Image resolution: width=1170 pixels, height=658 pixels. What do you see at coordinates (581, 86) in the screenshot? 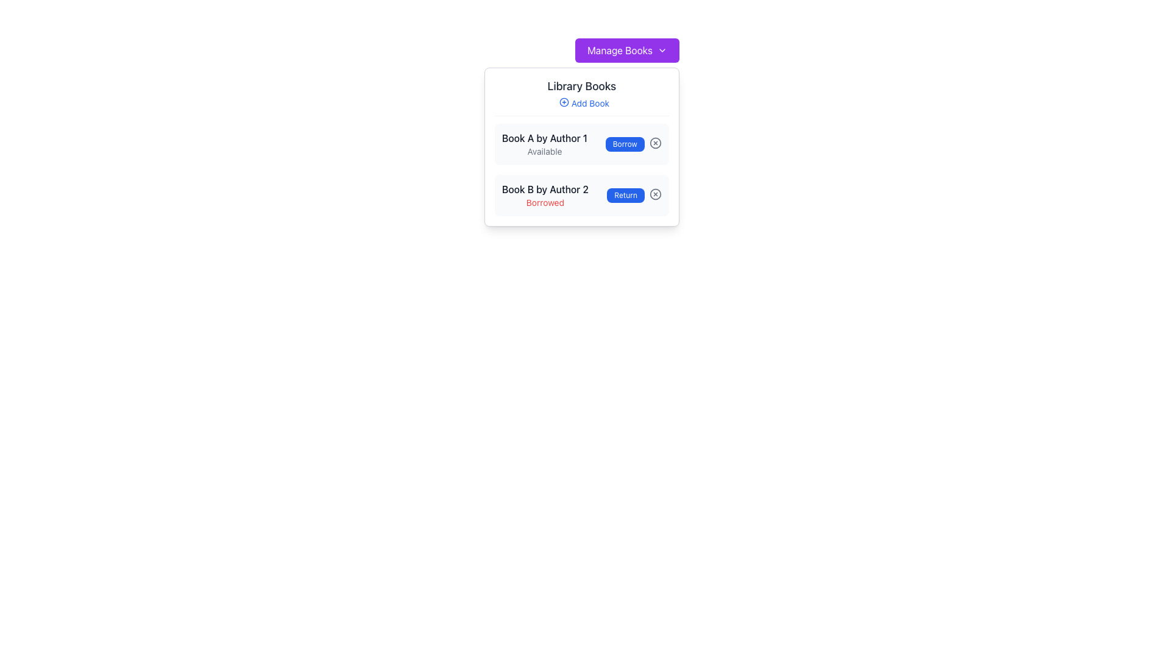
I see `the Header/Text Label located at the top of the 'Library Books Add Book' section, which serves as the title for that section` at bounding box center [581, 86].